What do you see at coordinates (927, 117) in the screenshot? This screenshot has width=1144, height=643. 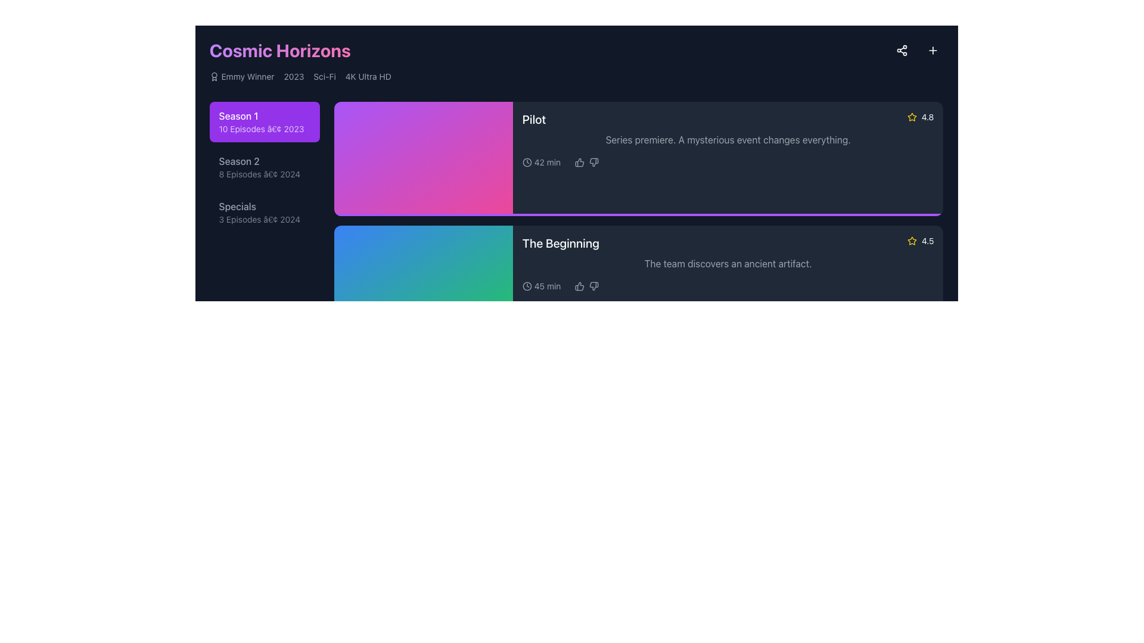 I see `the static text display showing a rating value of '4.8', located to the right of the yellow star icon in the top-right corner of the content episode card` at bounding box center [927, 117].